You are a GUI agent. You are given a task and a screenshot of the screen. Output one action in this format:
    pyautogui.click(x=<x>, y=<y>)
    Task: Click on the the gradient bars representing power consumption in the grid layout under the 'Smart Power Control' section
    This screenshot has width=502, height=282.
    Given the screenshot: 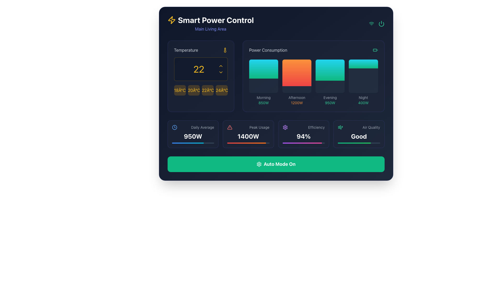 What is the action you would take?
    pyautogui.click(x=276, y=76)
    